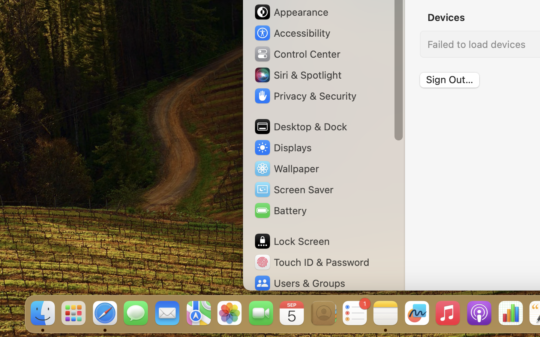 Image resolution: width=540 pixels, height=337 pixels. Describe the element at coordinates (312, 262) in the screenshot. I see `'Touch ID & Password'` at that location.